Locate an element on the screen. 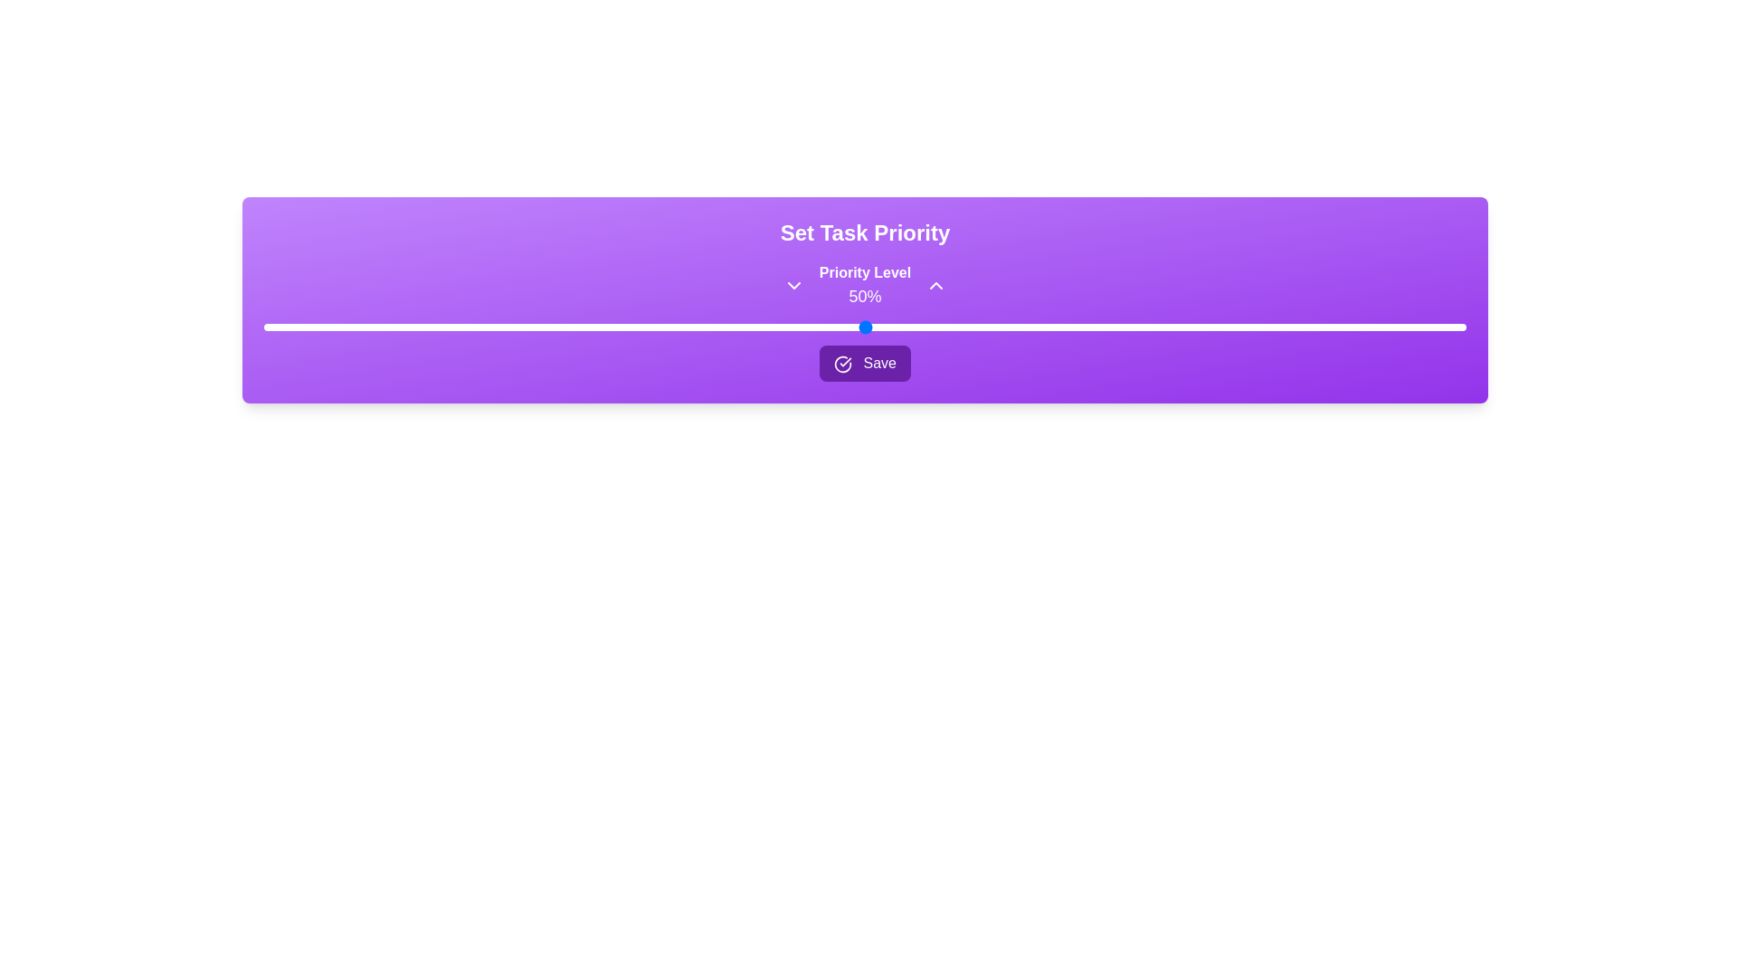 Image resolution: width=1737 pixels, height=977 pixels. the priority level is located at coordinates (745, 327).